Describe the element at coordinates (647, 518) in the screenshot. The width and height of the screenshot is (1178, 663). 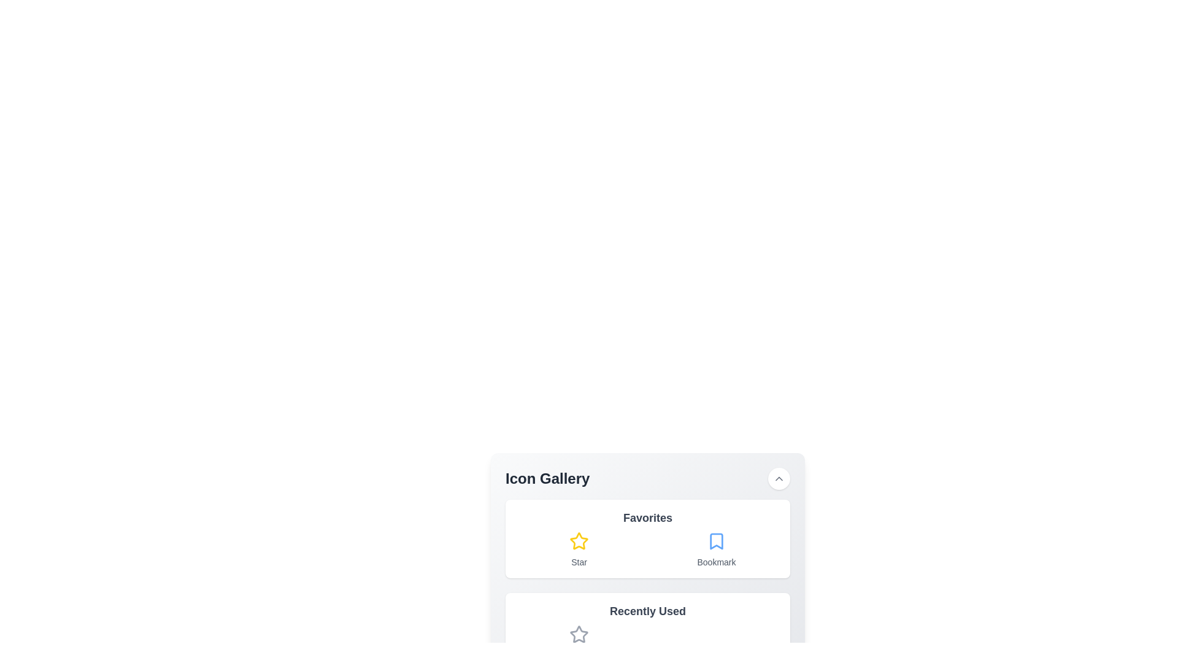
I see `'Favorites' text label that categorizes the content below it, which is positioned above a grid layout of icons` at that location.